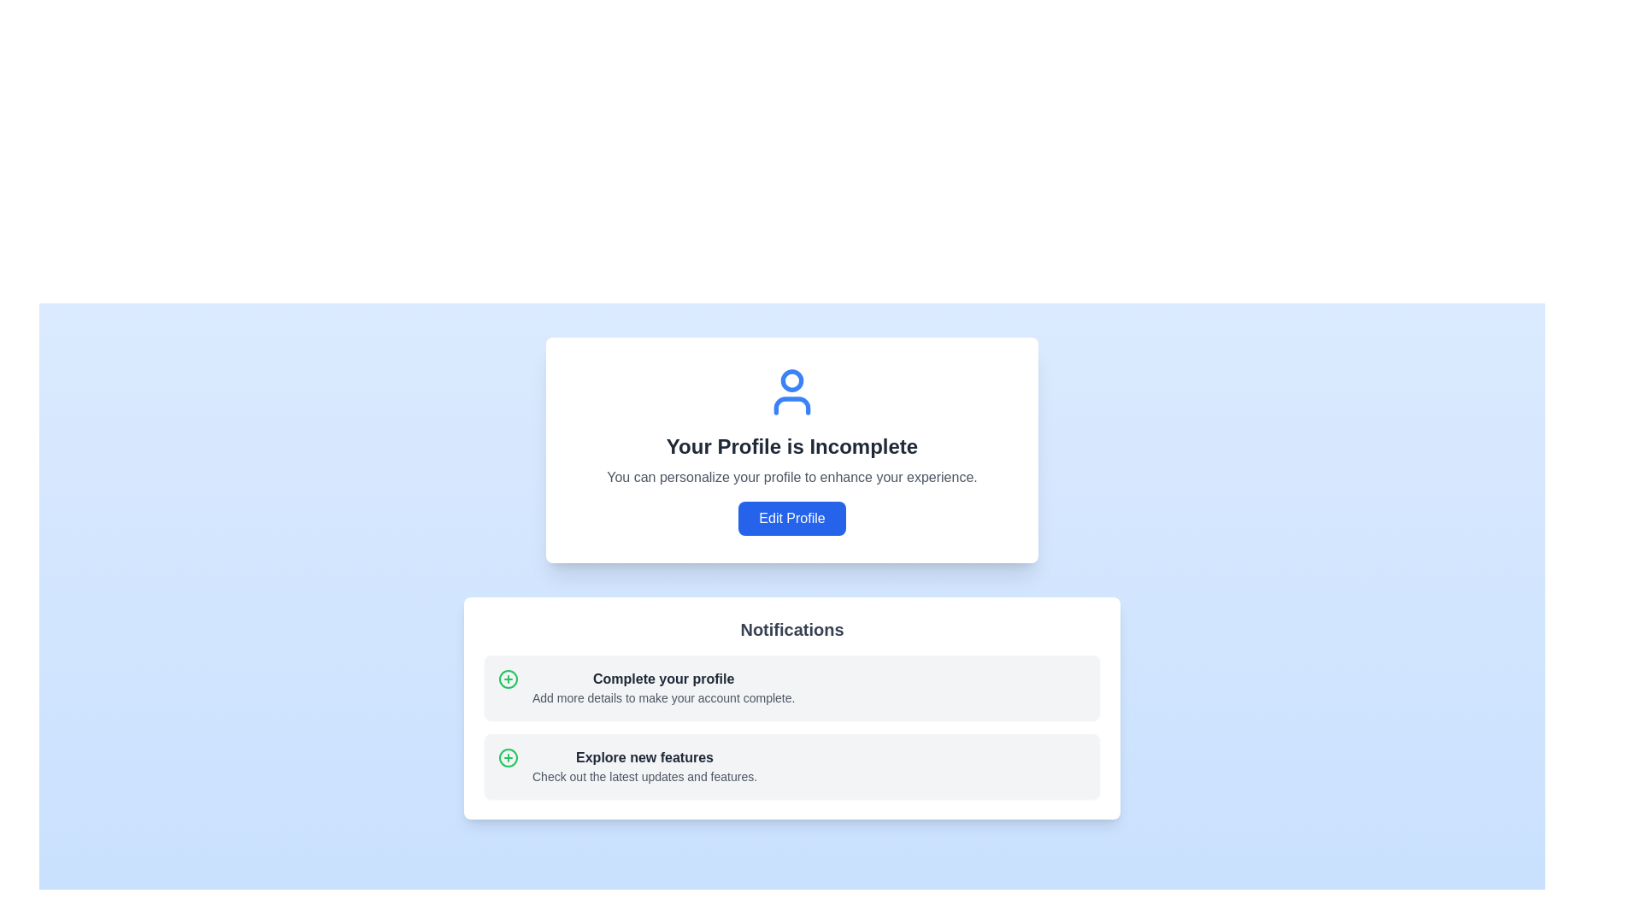 This screenshot has height=923, width=1641. Describe the element at coordinates (662, 687) in the screenshot. I see `the informational text block that encourages the user to complete their profile to trigger additional interactive actions` at that location.